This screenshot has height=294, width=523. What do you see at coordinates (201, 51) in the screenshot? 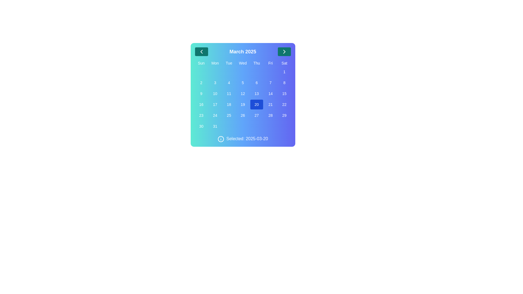
I see `the left-pointing chevron icon button with a teal background located in the top-left corner of the calendar header, adjacent to the 'March 2025' text for accessibility navigation` at bounding box center [201, 51].